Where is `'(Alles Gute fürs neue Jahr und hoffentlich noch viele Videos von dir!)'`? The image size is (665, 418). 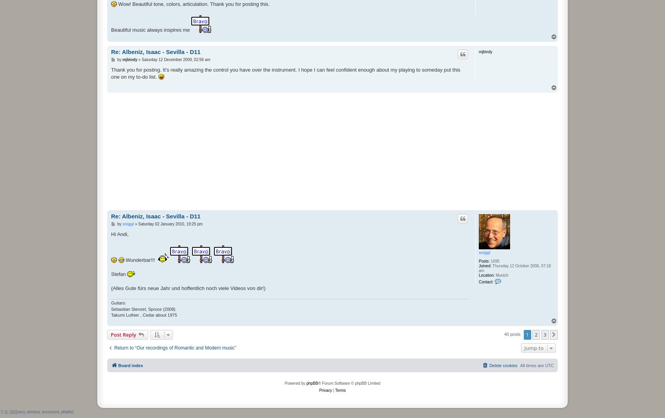
'(Alles Gute fürs neue Jahr und hoffentlich noch viele Videos von dir!)' is located at coordinates (188, 288).